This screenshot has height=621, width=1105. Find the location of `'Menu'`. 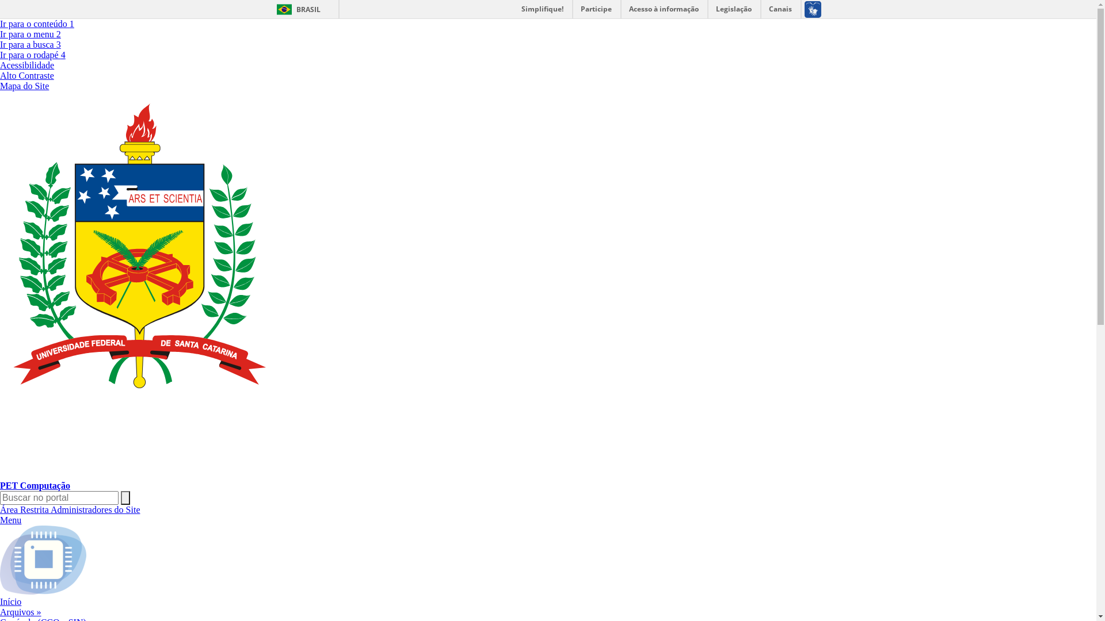

'Menu' is located at coordinates (10, 520).